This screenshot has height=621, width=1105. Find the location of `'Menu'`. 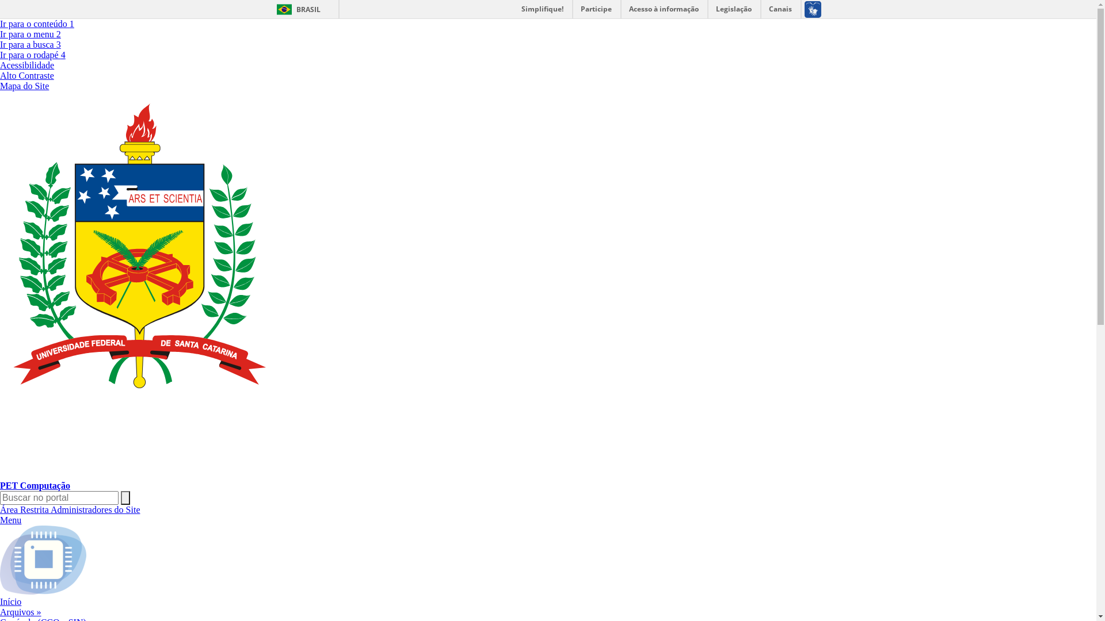

'Menu' is located at coordinates (10, 520).